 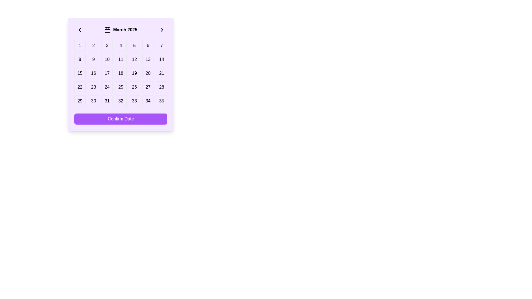 I want to click on the dates within the Calendar widget, so click(x=121, y=74).